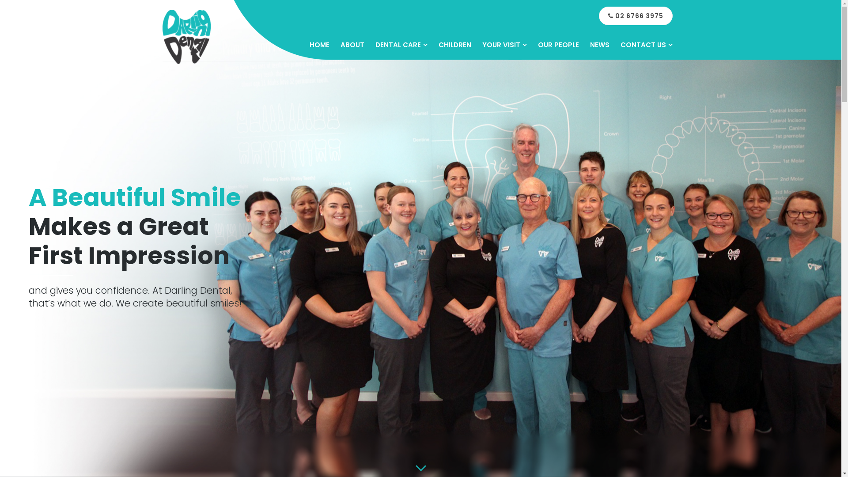  I want to click on 'YOUR VISIT', so click(504, 45).